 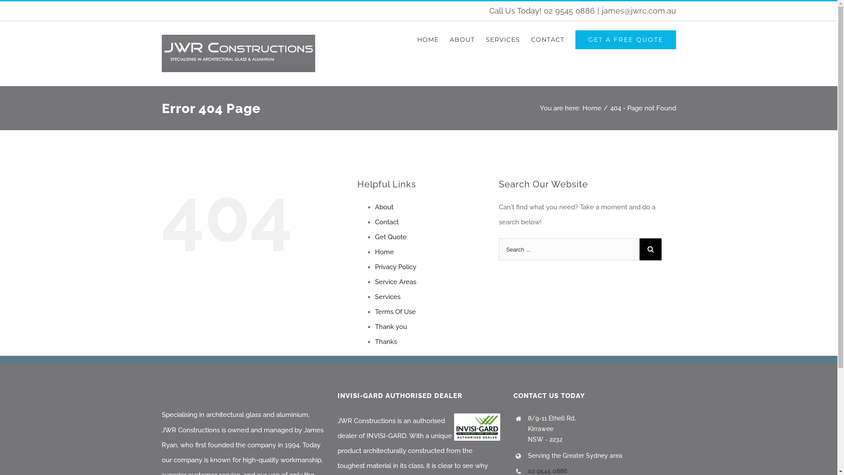 I want to click on 'SERVICES', so click(x=502, y=39).